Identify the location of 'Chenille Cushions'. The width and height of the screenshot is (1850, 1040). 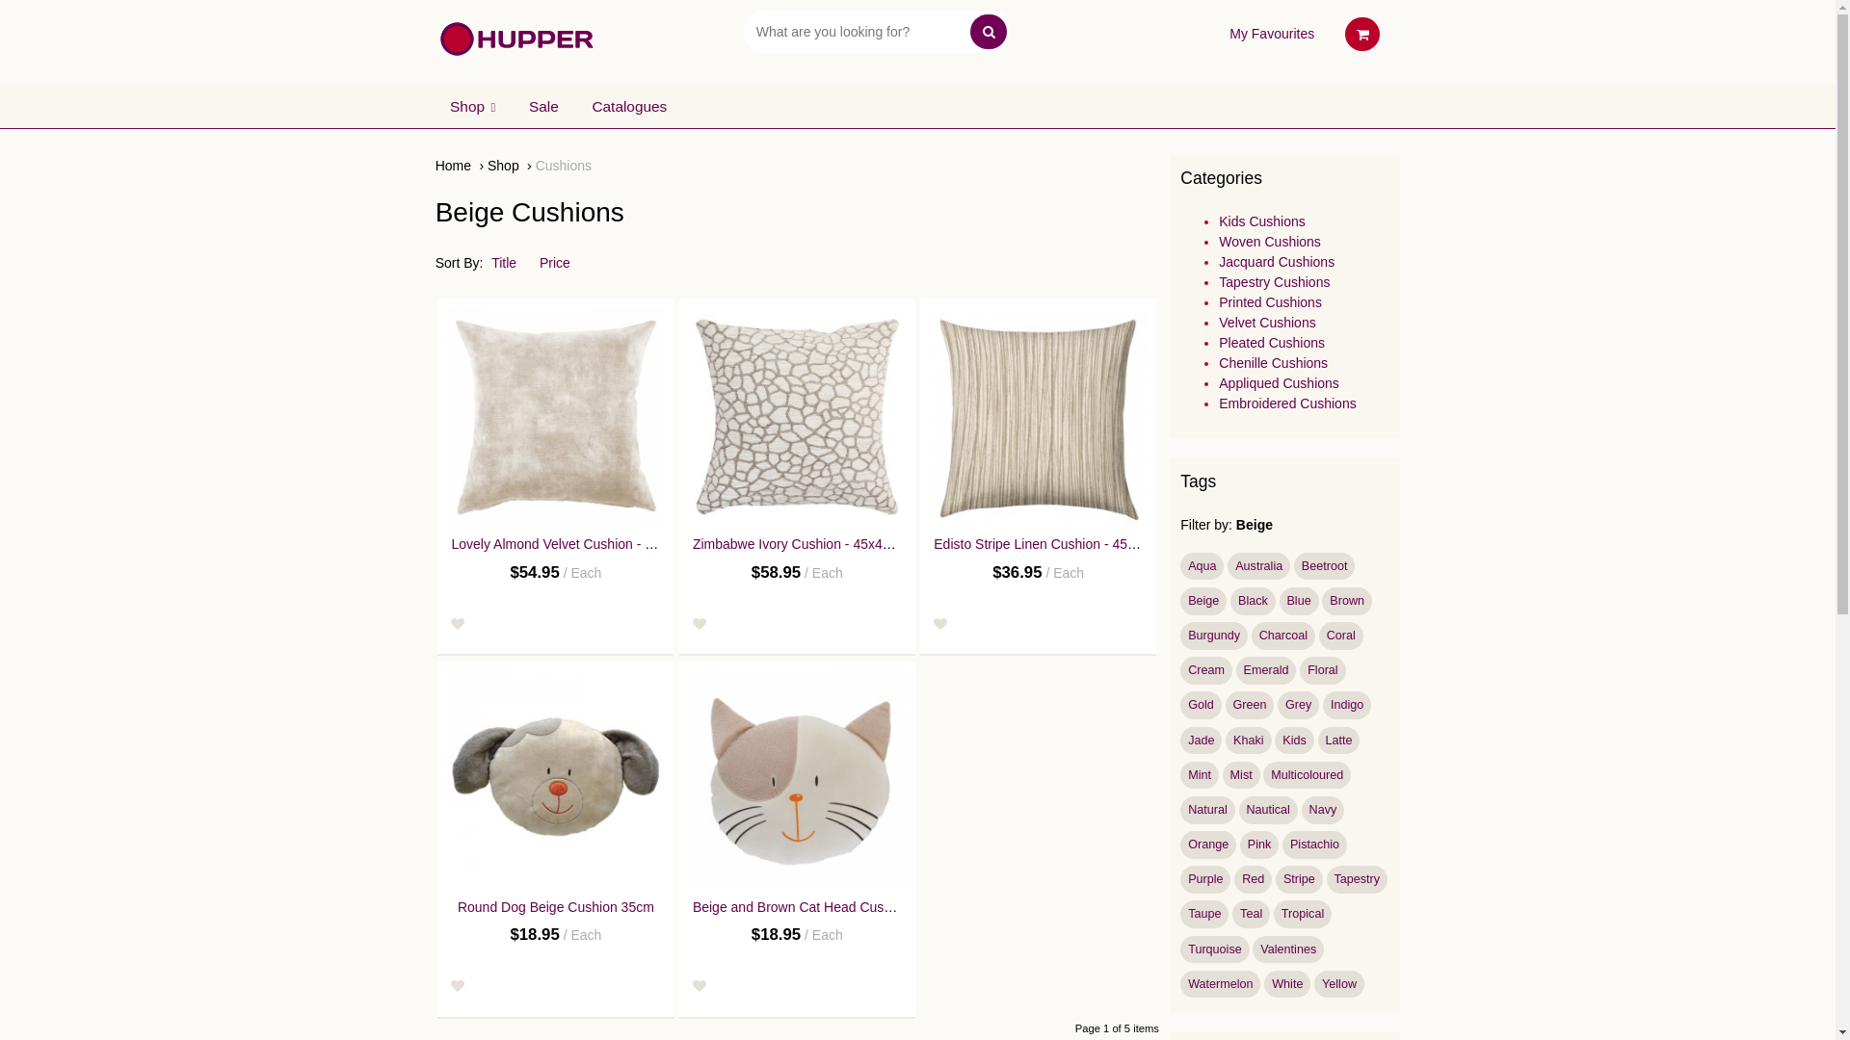
(1273, 363).